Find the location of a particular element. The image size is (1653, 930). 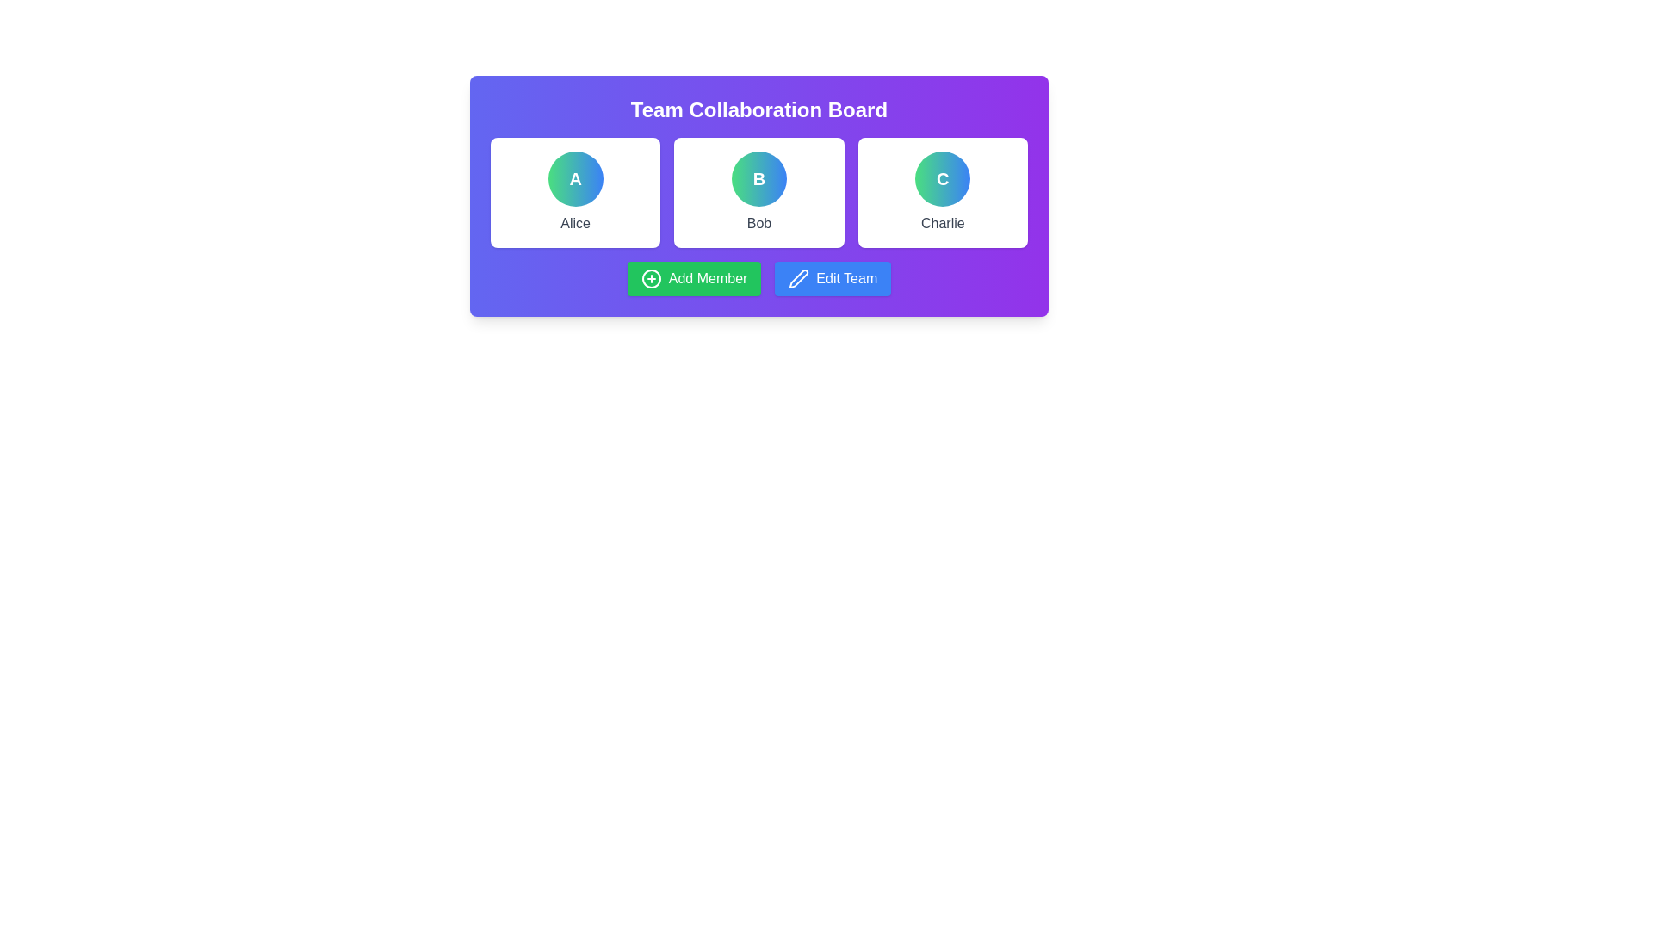

text content of the text label displaying 'Bob', which is styled in medium gray font and located centrally beneath the circular gradient icon with the letter 'B' is located at coordinates (758, 222).